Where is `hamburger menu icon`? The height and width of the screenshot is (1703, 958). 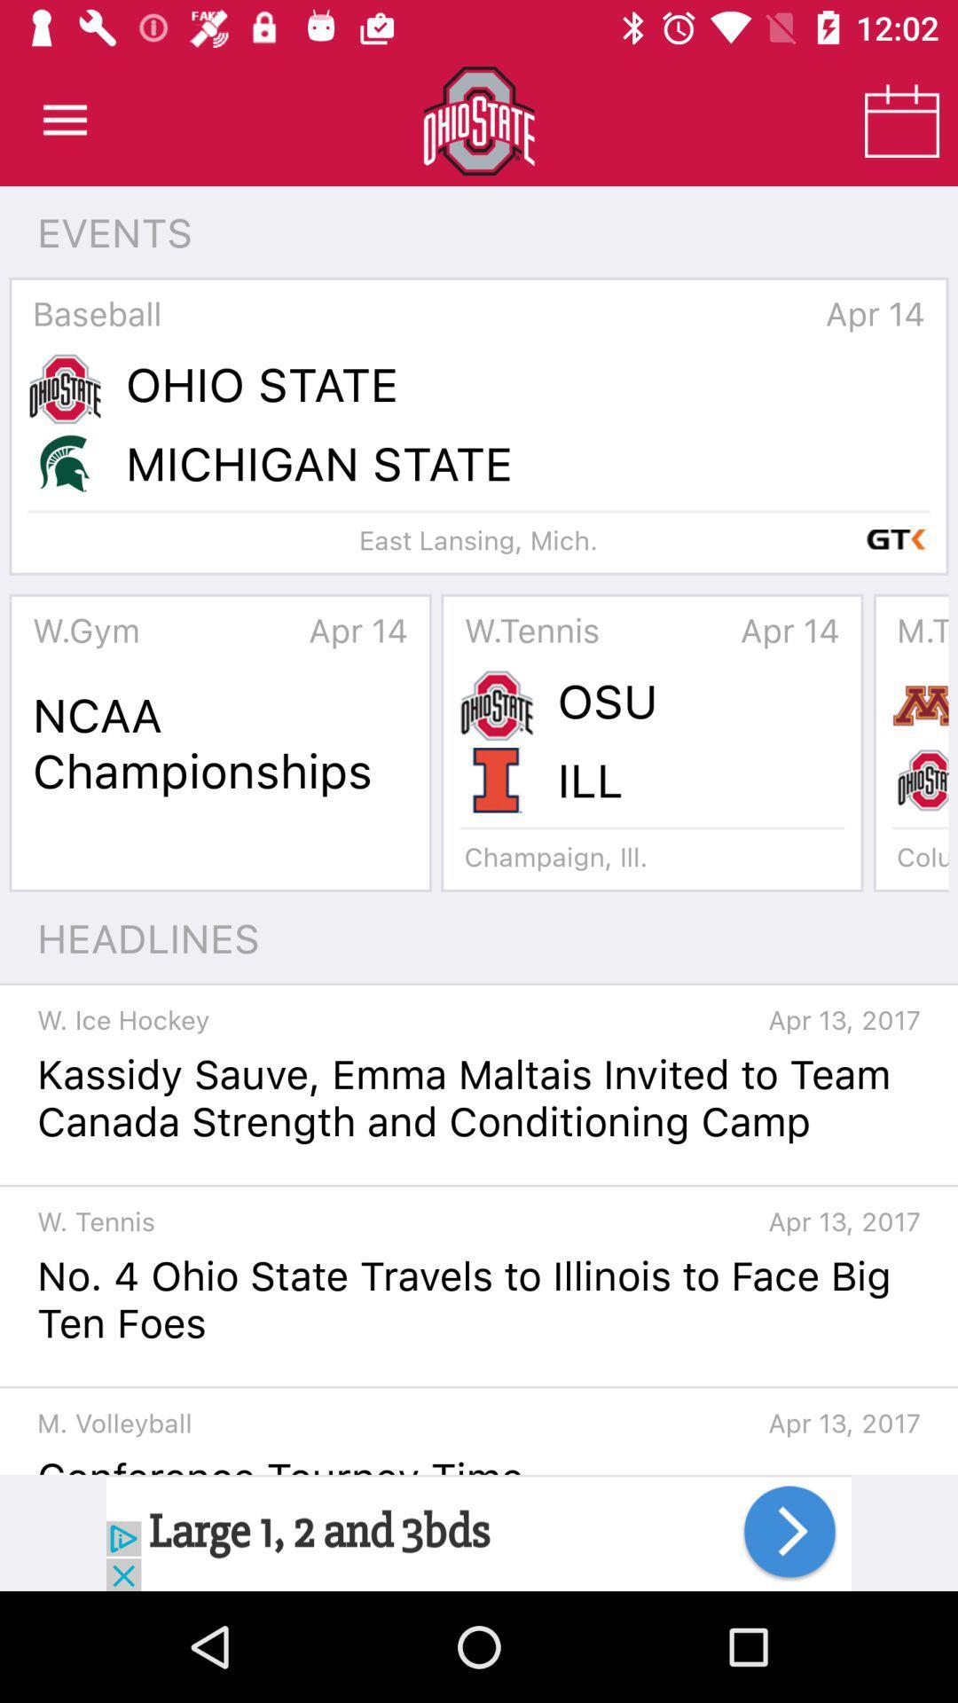 hamburger menu icon is located at coordinates (64, 120).